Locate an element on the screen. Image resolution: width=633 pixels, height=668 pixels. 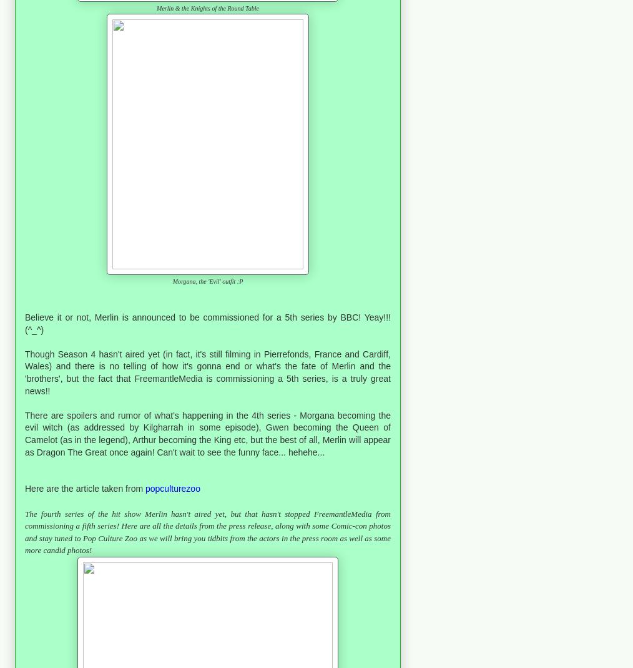
'There are spoilers and rumor of what's happening in the 4th series - Morgana becoming the evil witch (as addressed by Kilgharrah in some episode), Gwen becoming the Queen of Camelot (as in the legend), Arthur becoming the King etc, but the best of all, Merlin will appear as Dragon The Great once again! Can't wait to see the funny face... hehehe...' is located at coordinates (207, 432).